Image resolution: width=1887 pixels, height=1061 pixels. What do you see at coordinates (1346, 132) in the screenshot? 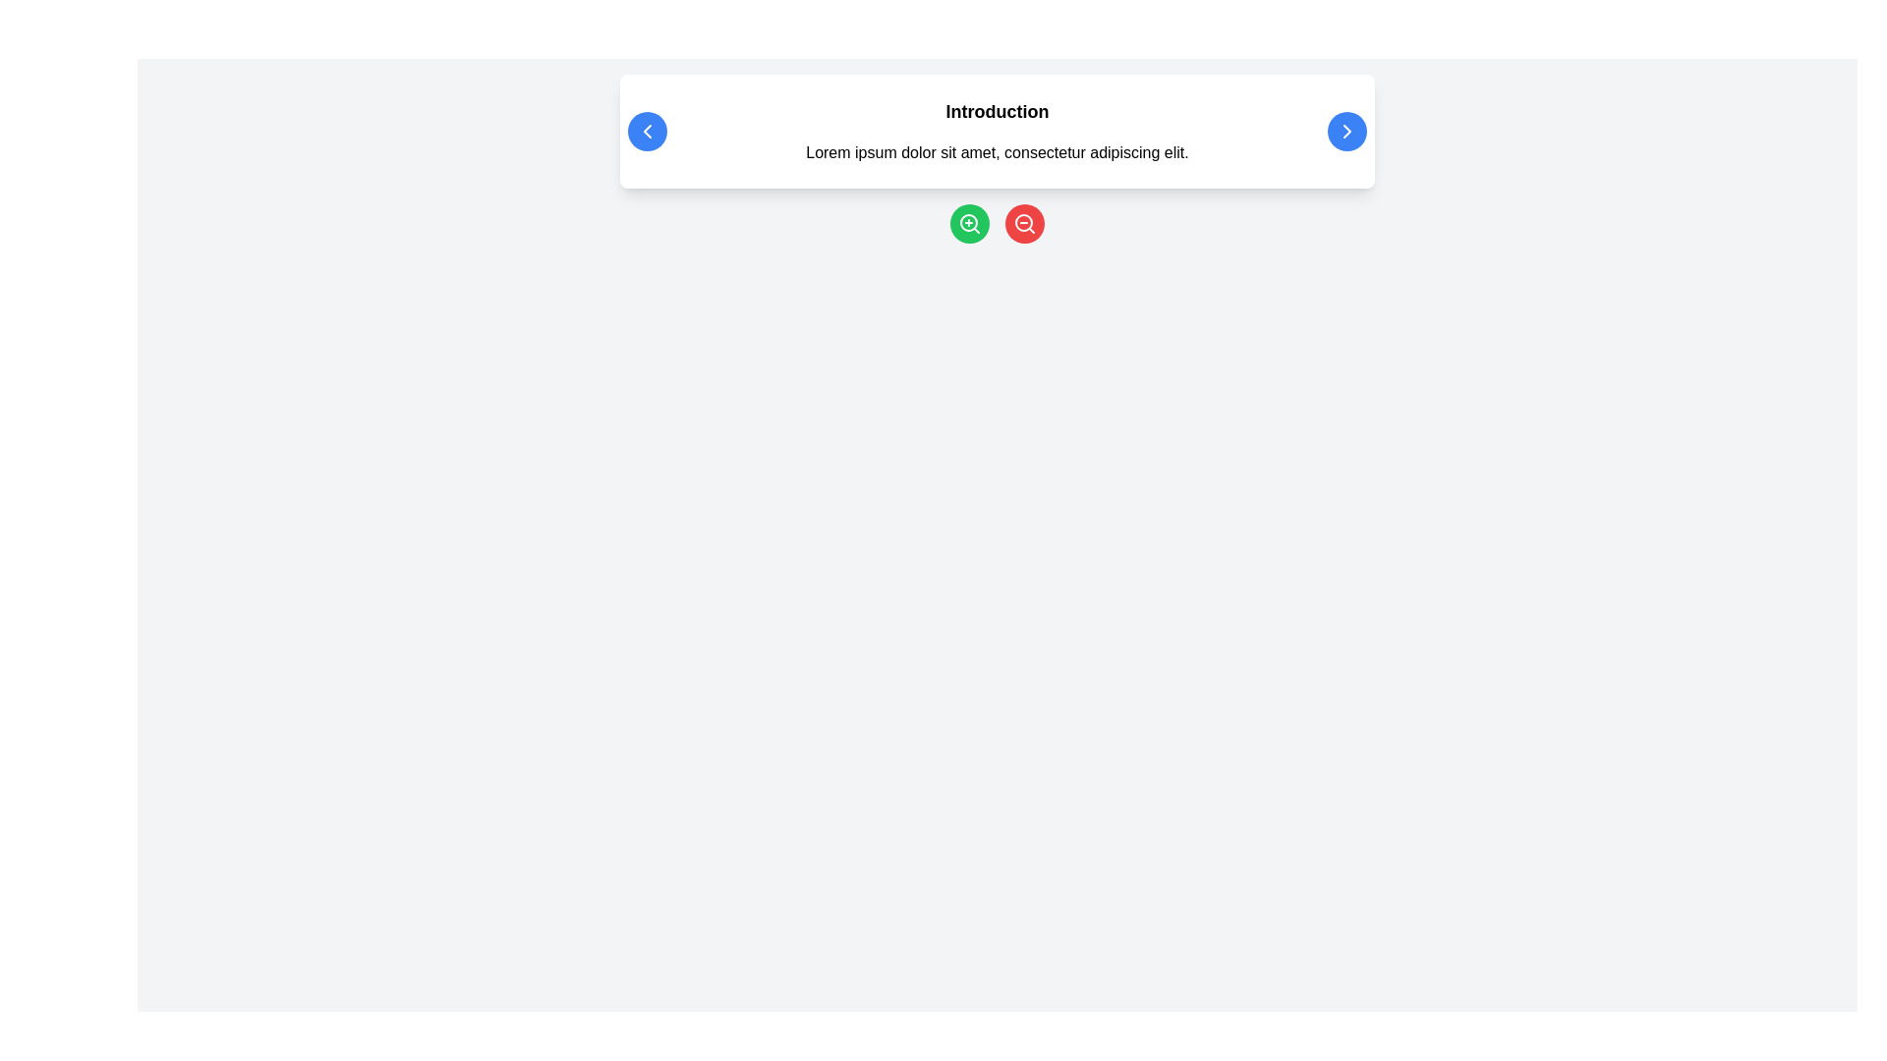
I see `the circular blue navigation button with a white rightward-facing chevron icon` at bounding box center [1346, 132].